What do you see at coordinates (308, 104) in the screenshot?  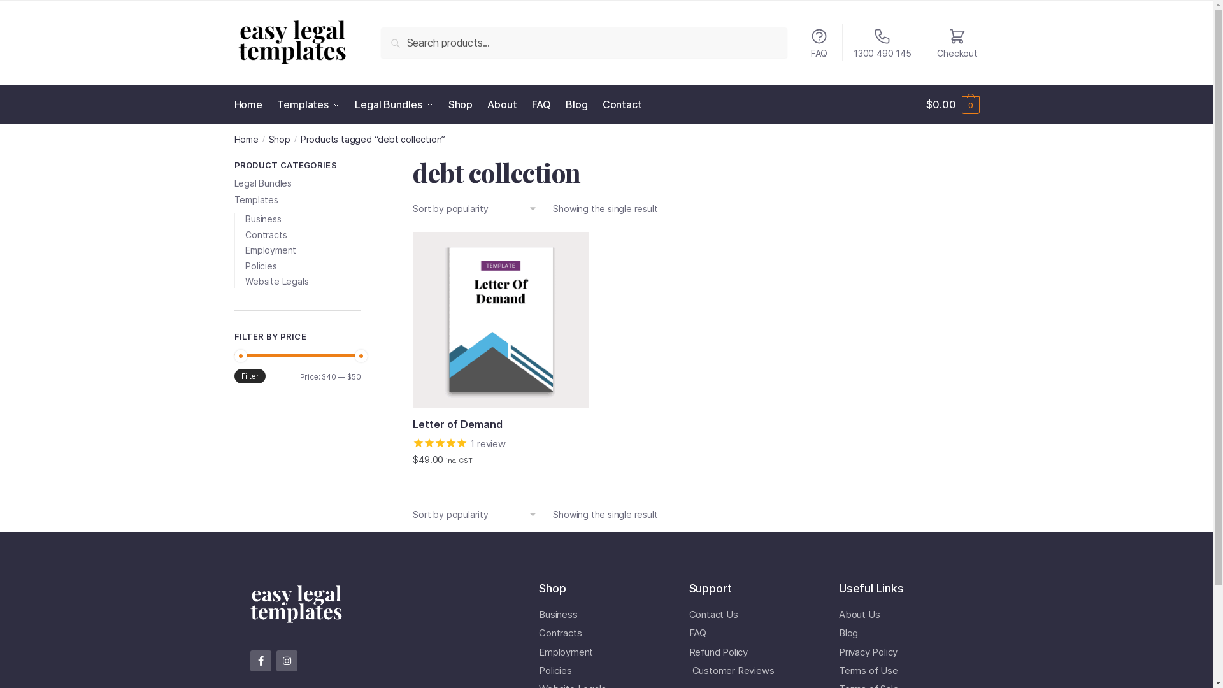 I see `'Templates'` at bounding box center [308, 104].